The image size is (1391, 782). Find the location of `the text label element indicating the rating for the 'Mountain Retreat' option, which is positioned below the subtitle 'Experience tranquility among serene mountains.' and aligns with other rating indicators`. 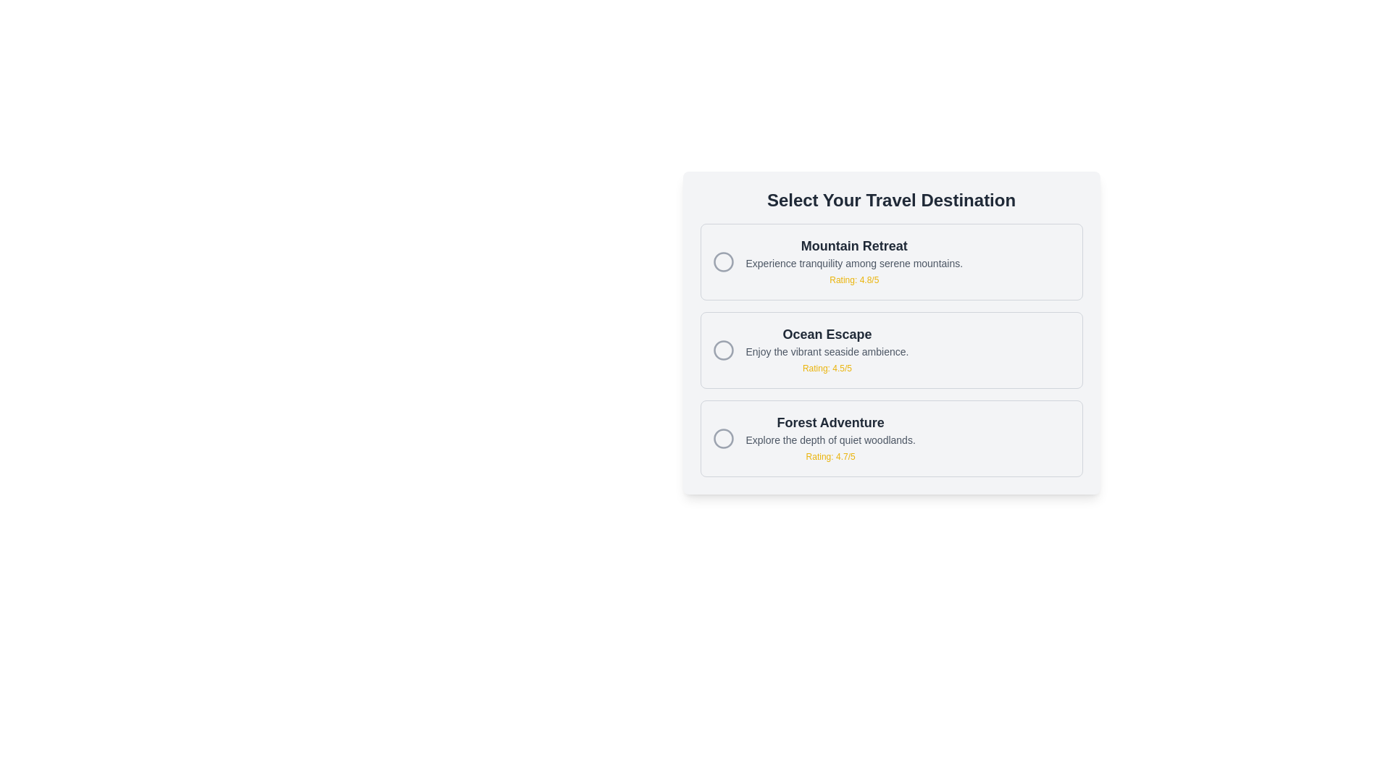

the text label element indicating the rating for the 'Mountain Retreat' option, which is positioned below the subtitle 'Experience tranquility among serene mountains.' and aligns with other rating indicators is located at coordinates (854, 279).